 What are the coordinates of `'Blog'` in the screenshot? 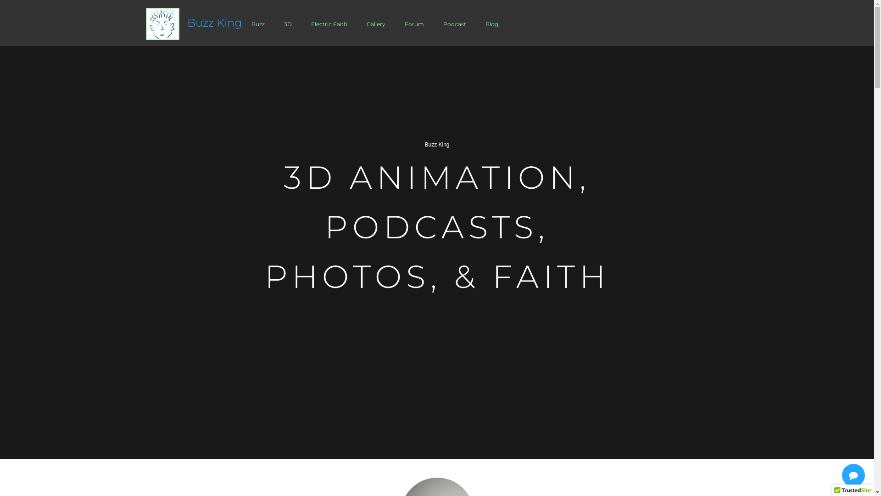 It's located at (491, 23).